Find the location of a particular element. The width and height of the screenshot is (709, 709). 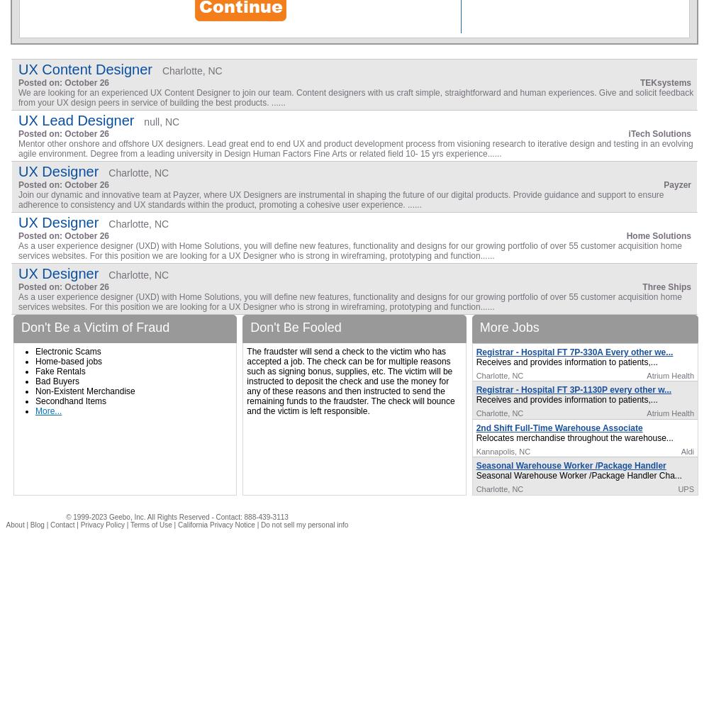

'Aldi' is located at coordinates (686, 451).